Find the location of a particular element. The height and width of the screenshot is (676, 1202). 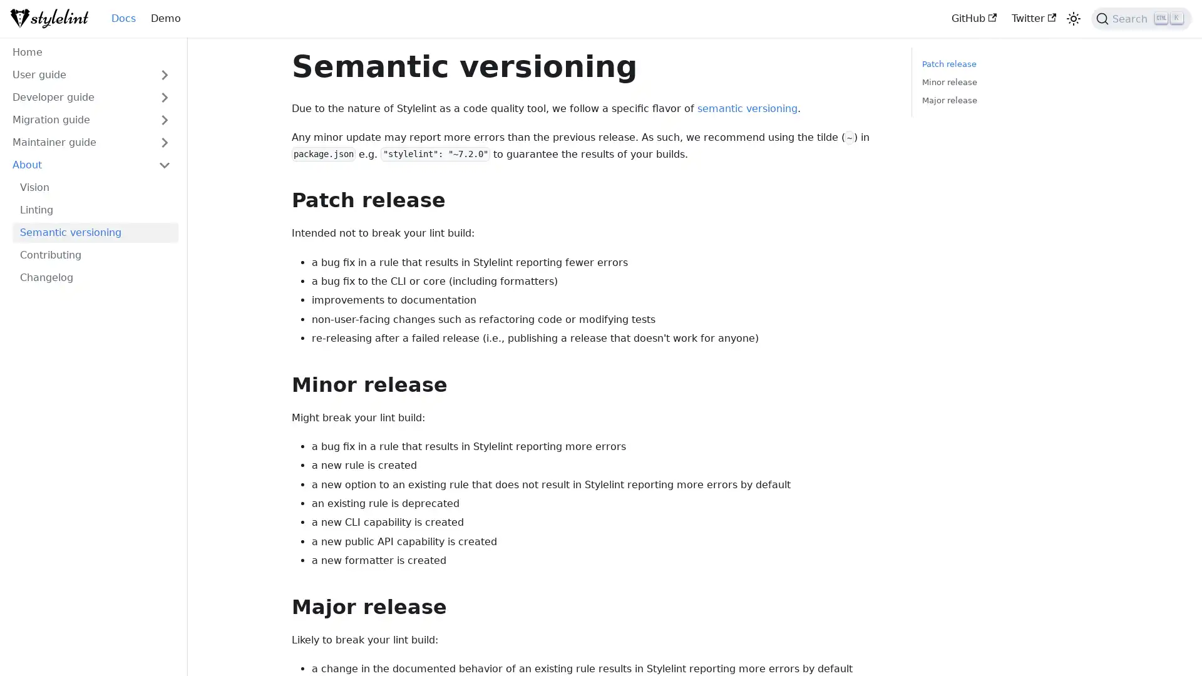

Switch between dark and light mode (currently light mode) is located at coordinates (1072, 19).